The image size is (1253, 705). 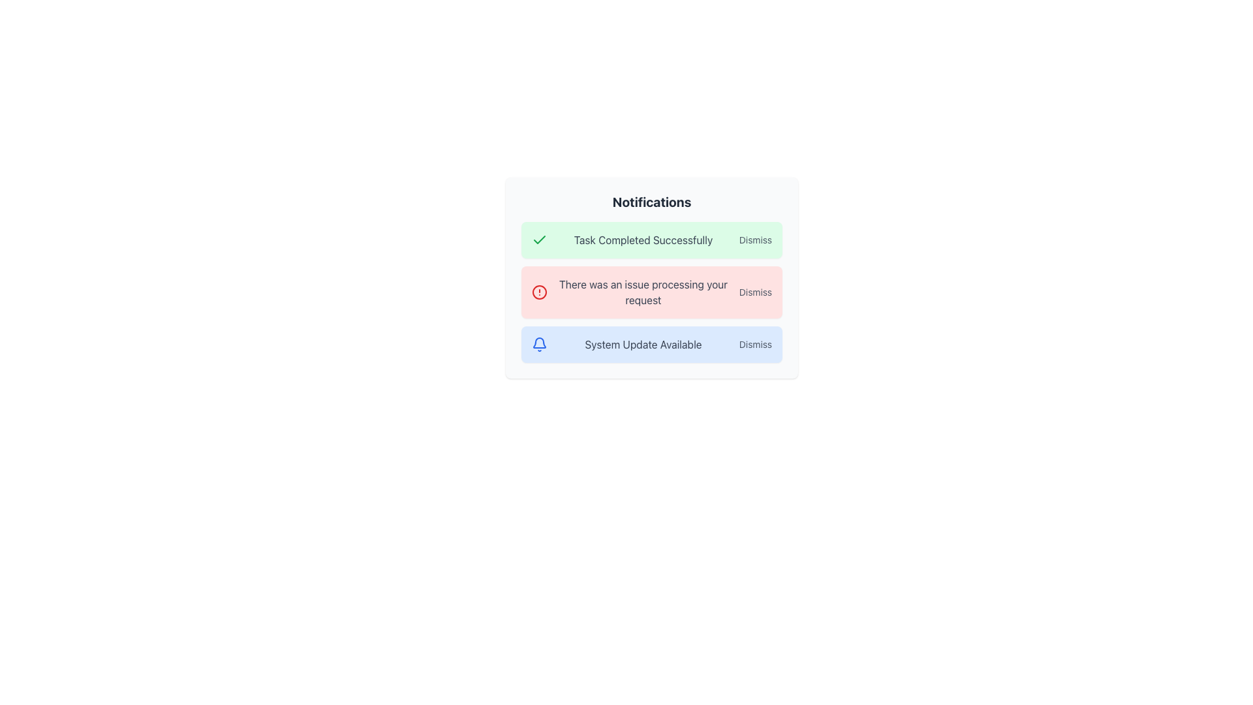 I want to click on the text label displaying 'System Update Available', which is styled in gray and centered within a blue background notification panel, so click(x=643, y=344).